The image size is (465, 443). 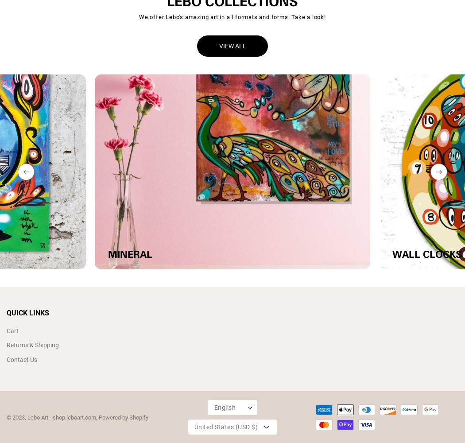 I want to click on 'We offer Lebo's amazing art in all formats and forms. Take a look!', so click(x=139, y=17).